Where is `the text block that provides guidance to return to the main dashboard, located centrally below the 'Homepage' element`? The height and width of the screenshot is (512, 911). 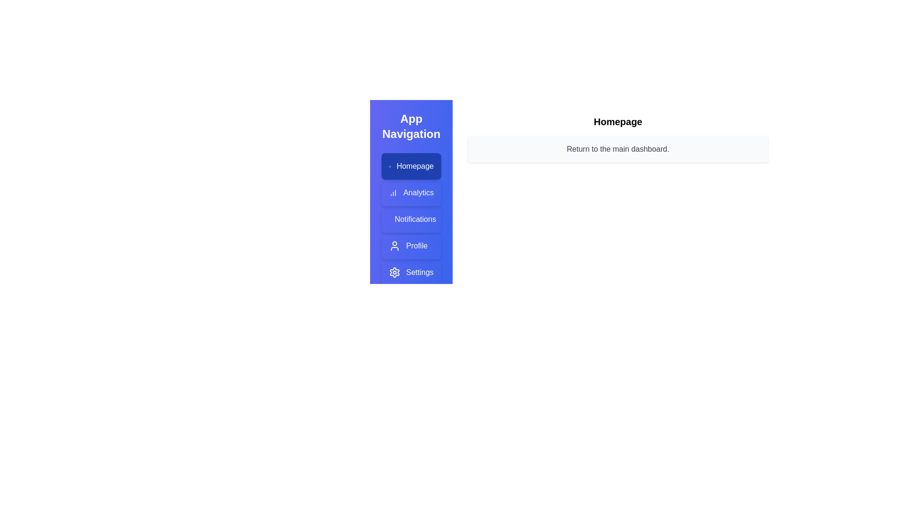
the text block that provides guidance to return to the main dashboard, located centrally below the 'Homepage' element is located at coordinates (618, 149).